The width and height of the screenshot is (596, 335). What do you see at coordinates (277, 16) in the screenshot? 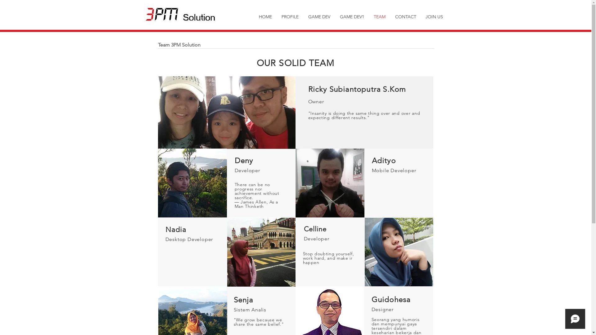
I see `'PROFILE'` at bounding box center [277, 16].